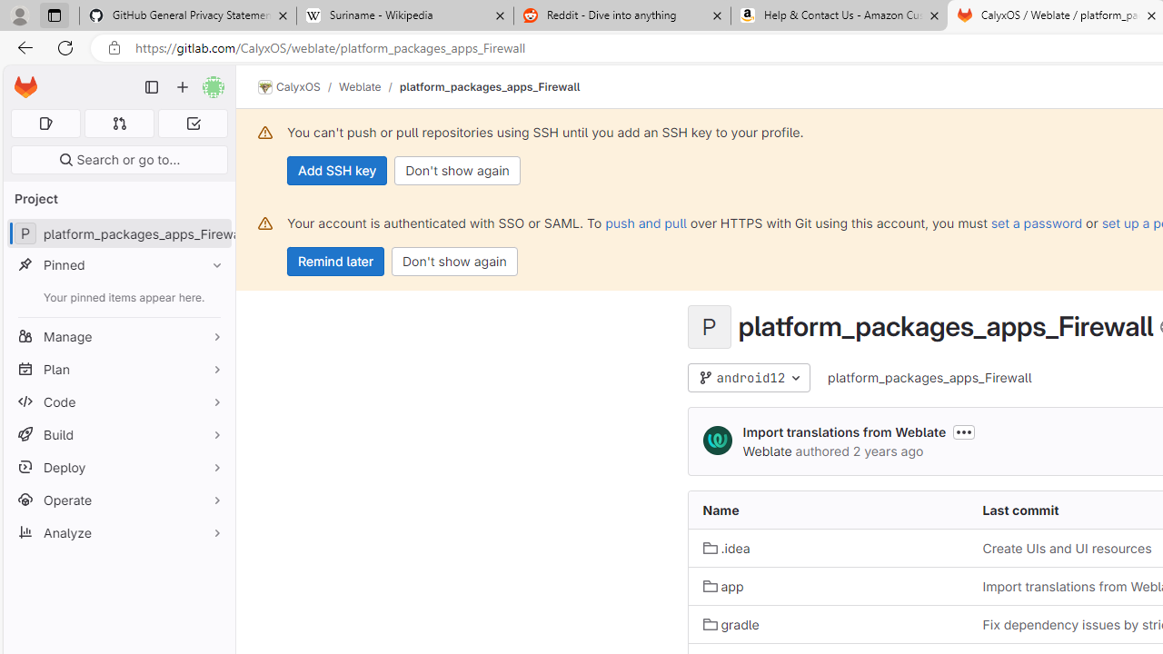 The image size is (1163, 654). Describe the element at coordinates (118, 466) in the screenshot. I see `'Deploy'` at that location.